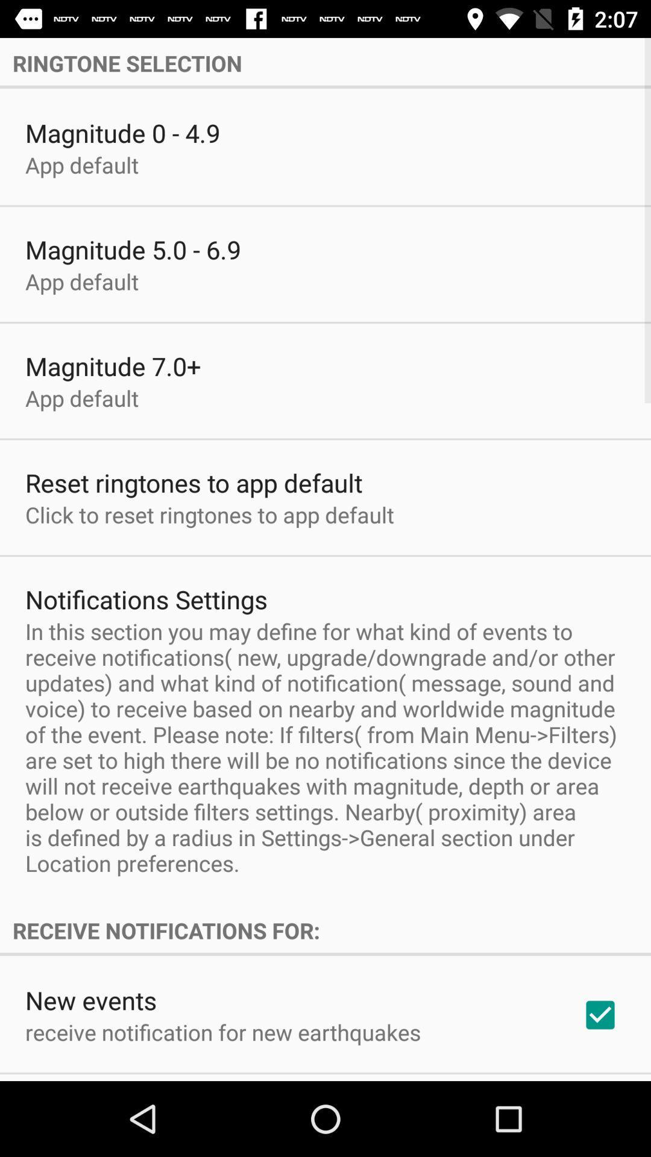  I want to click on the app above receive notifications for: icon, so click(325, 747).